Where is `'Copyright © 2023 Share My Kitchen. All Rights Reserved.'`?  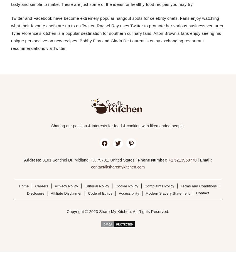 'Copyright © 2023 Share My Kitchen. All Rights Reserved.' is located at coordinates (118, 211).